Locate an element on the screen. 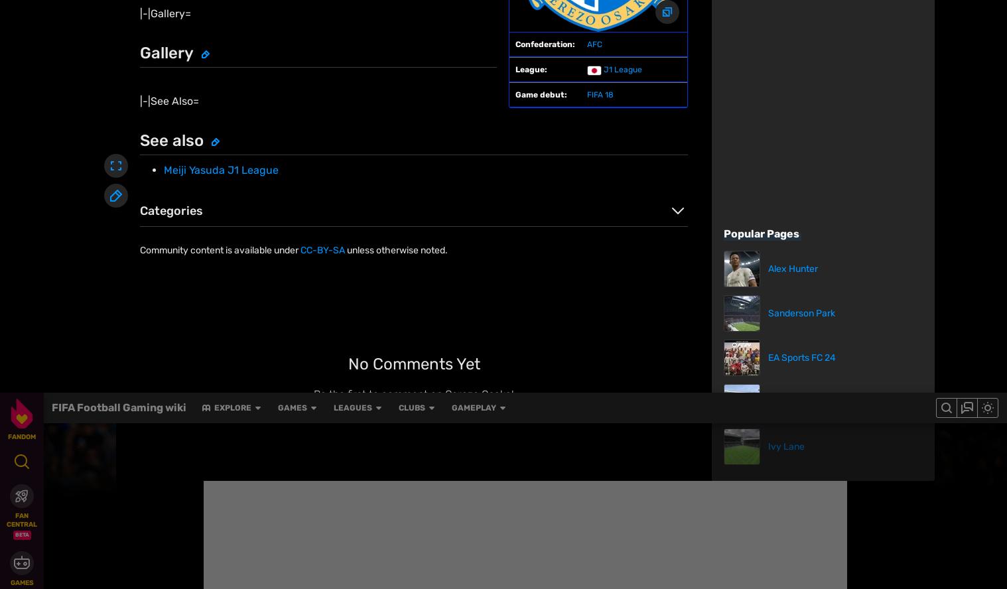 This screenshot has width=1007, height=589. 'Take your favorite fandoms with you and never miss a beat.' is located at coordinates (766, 536).